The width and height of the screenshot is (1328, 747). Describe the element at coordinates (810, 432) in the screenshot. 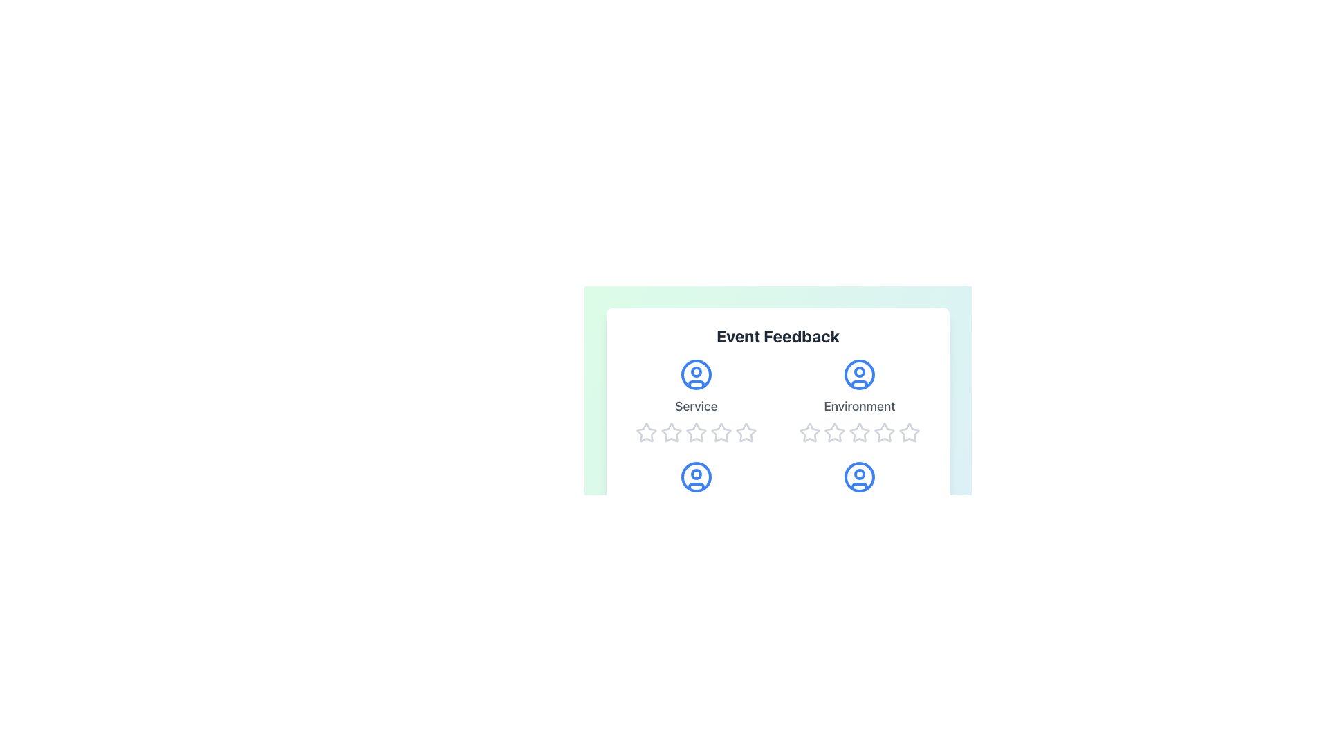

I see `the second star rating button in the 'Environment' category to indicate a rating level` at that location.